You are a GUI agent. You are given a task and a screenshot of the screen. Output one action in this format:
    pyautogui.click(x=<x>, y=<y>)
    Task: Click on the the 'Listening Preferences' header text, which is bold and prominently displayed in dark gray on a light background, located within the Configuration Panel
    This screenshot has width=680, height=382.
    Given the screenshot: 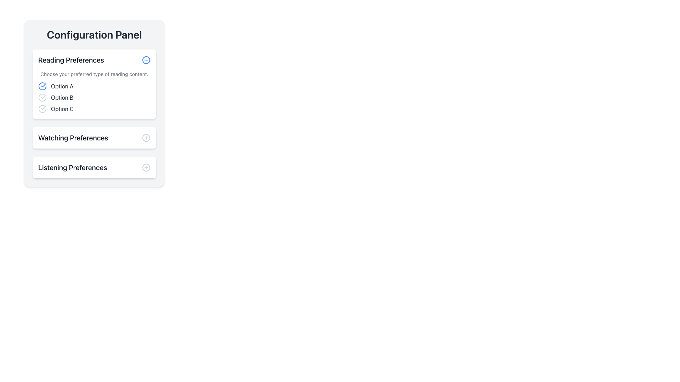 What is the action you would take?
    pyautogui.click(x=73, y=168)
    